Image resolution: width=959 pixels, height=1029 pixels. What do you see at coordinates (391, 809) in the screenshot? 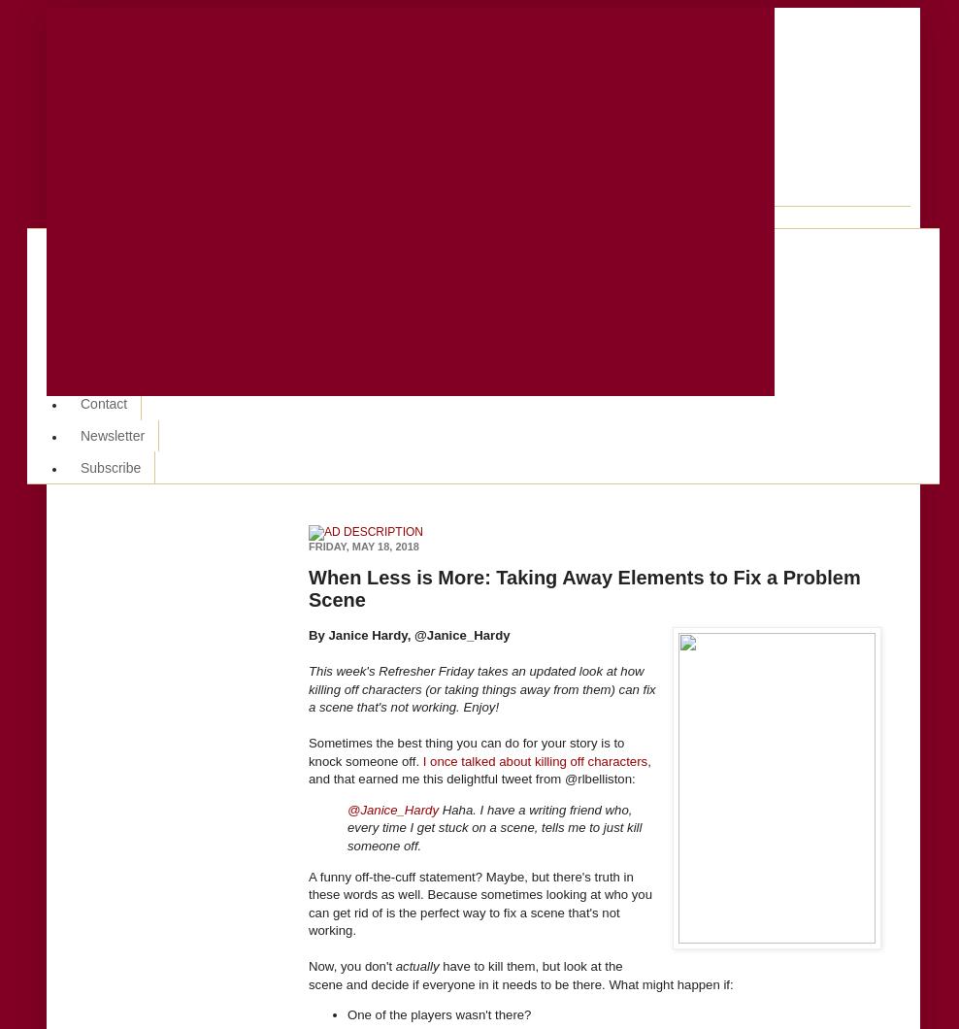
I see `'@Janice_Hardy'` at bounding box center [391, 809].